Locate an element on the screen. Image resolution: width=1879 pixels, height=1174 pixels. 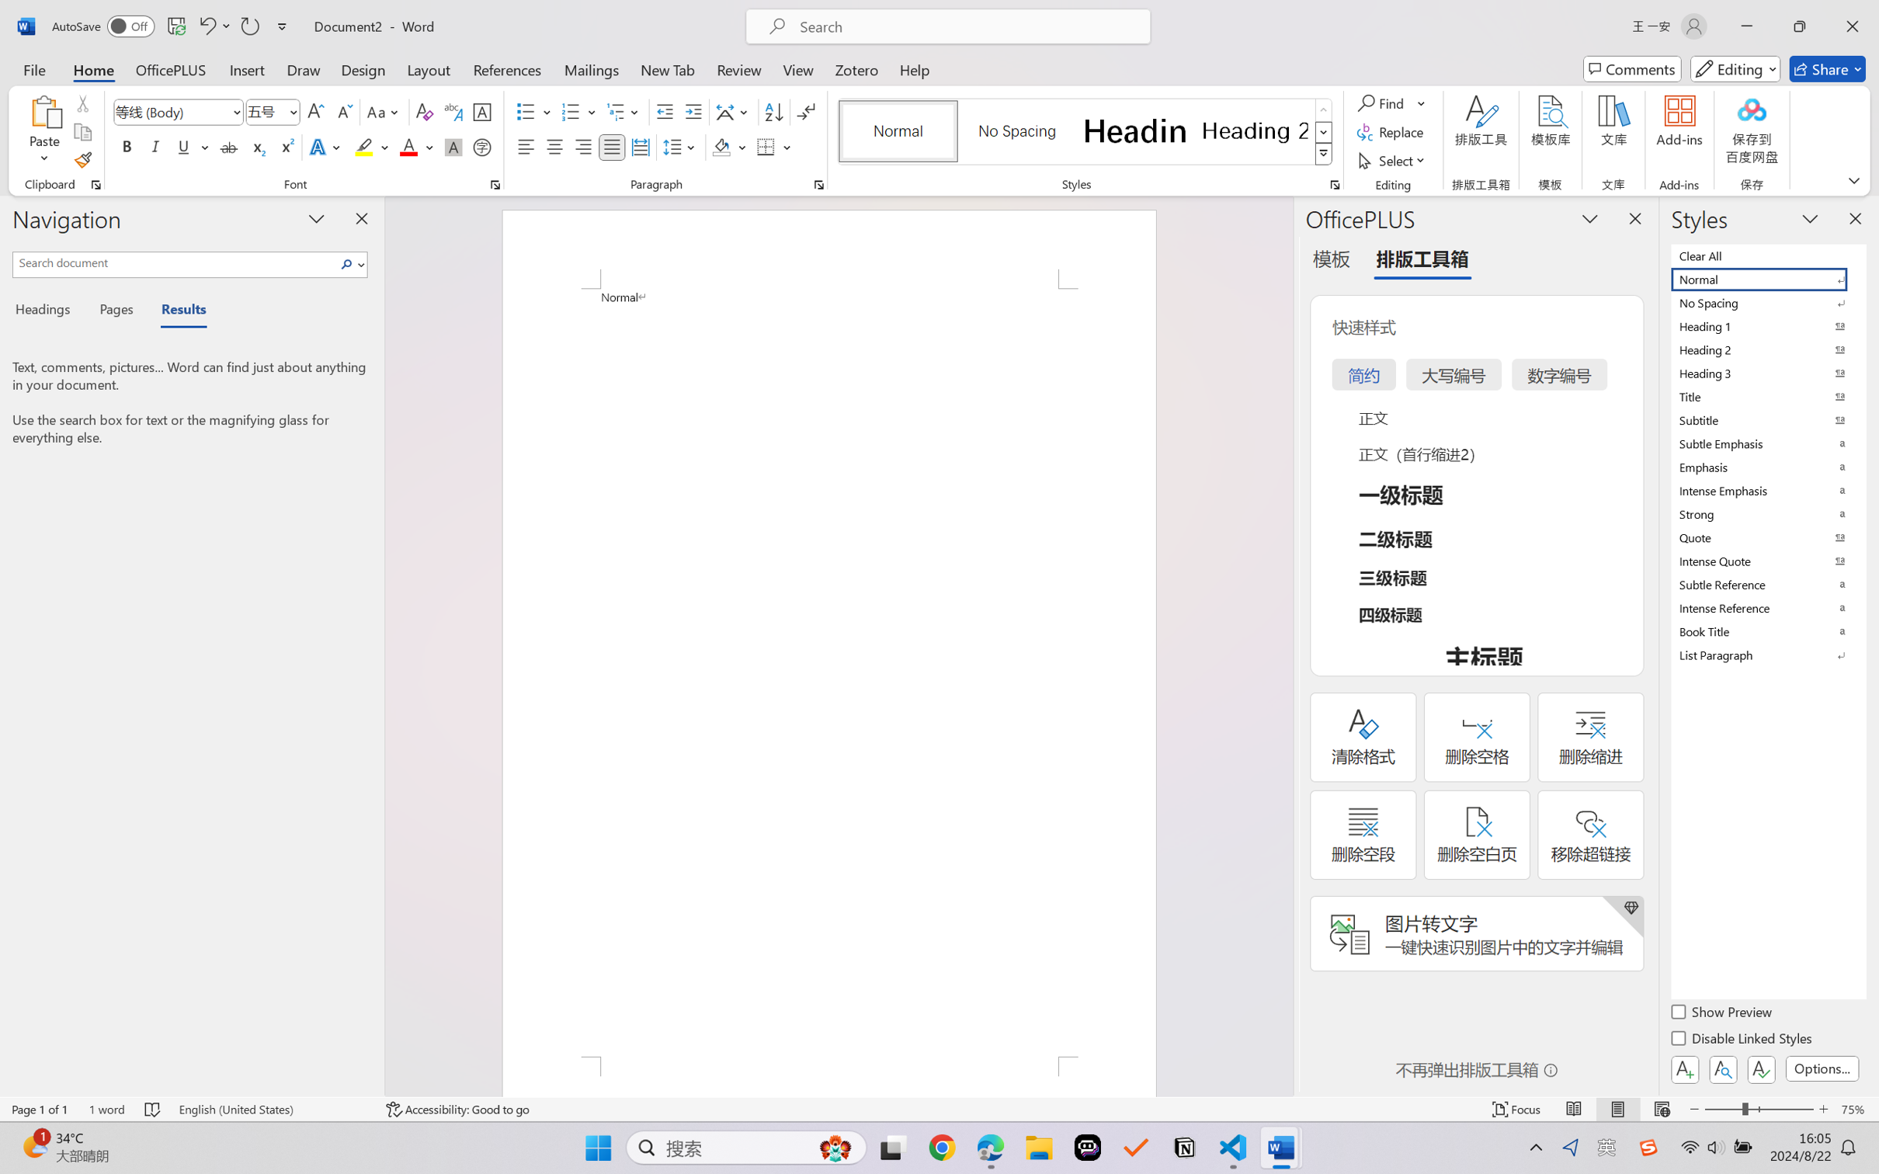
'Format Painter' is located at coordinates (82, 161).